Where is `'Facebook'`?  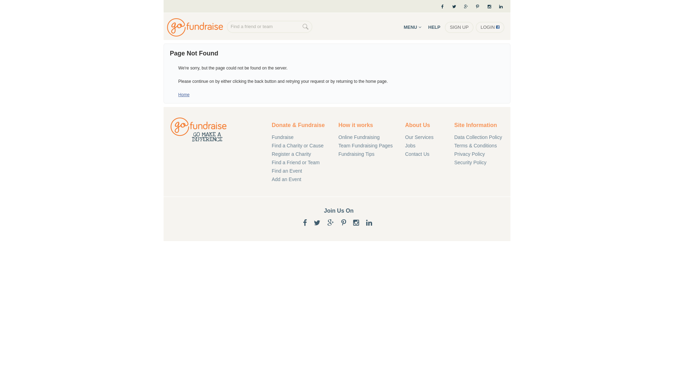
'Facebook' is located at coordinates (305, 223).